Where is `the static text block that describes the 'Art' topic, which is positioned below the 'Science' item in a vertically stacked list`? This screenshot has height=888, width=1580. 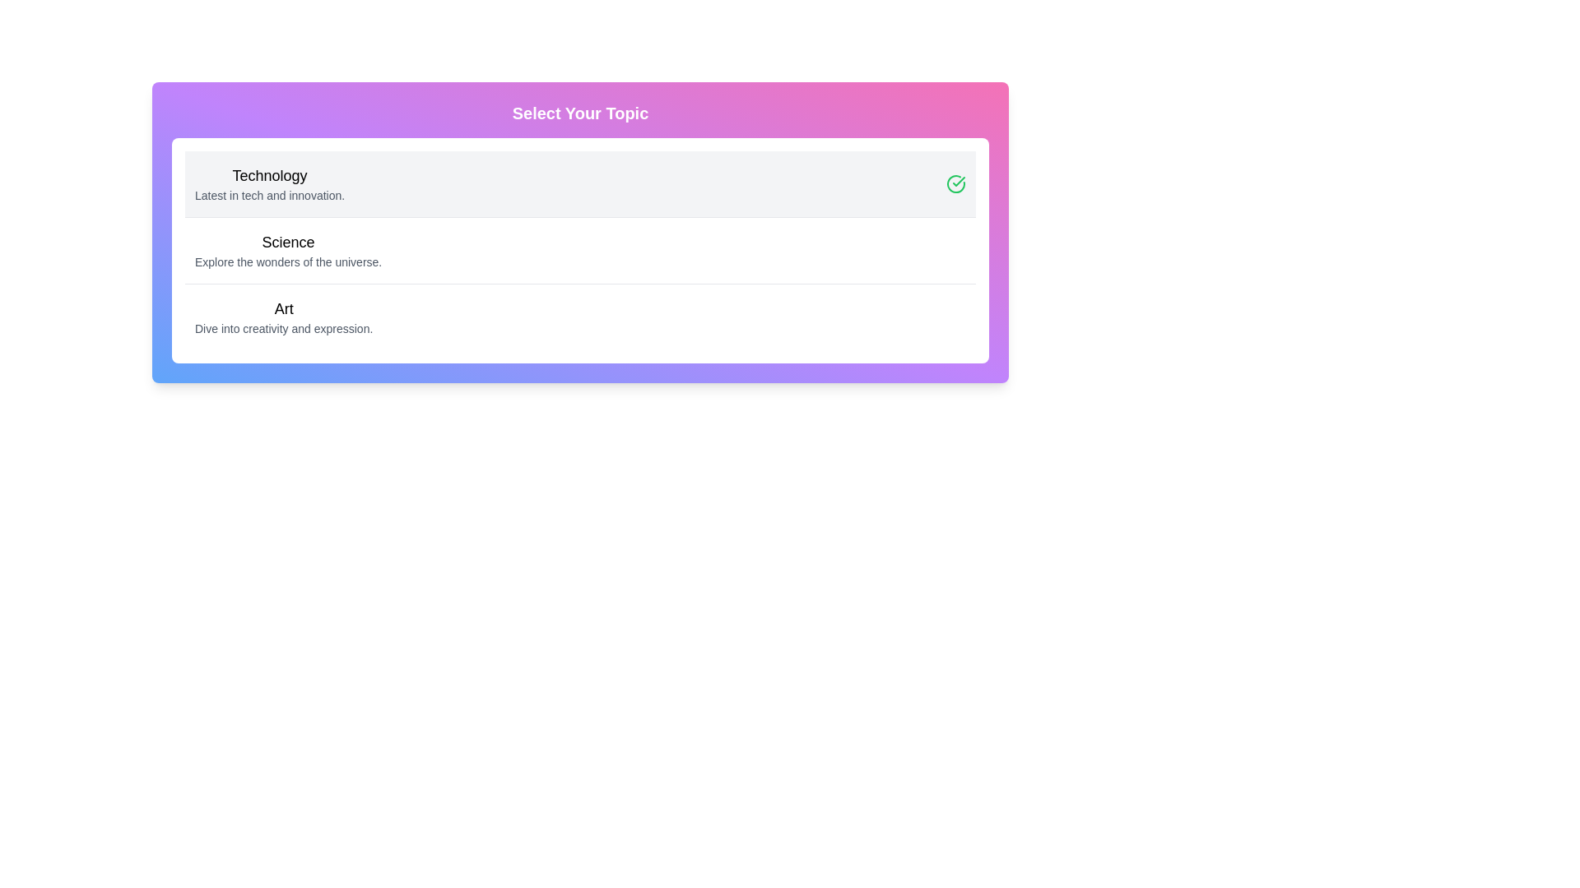
the static text block that describes the 'Art' topic, which is positioned below the 'Science' item in a vertically stacked list is located at coordinates (284, 317).